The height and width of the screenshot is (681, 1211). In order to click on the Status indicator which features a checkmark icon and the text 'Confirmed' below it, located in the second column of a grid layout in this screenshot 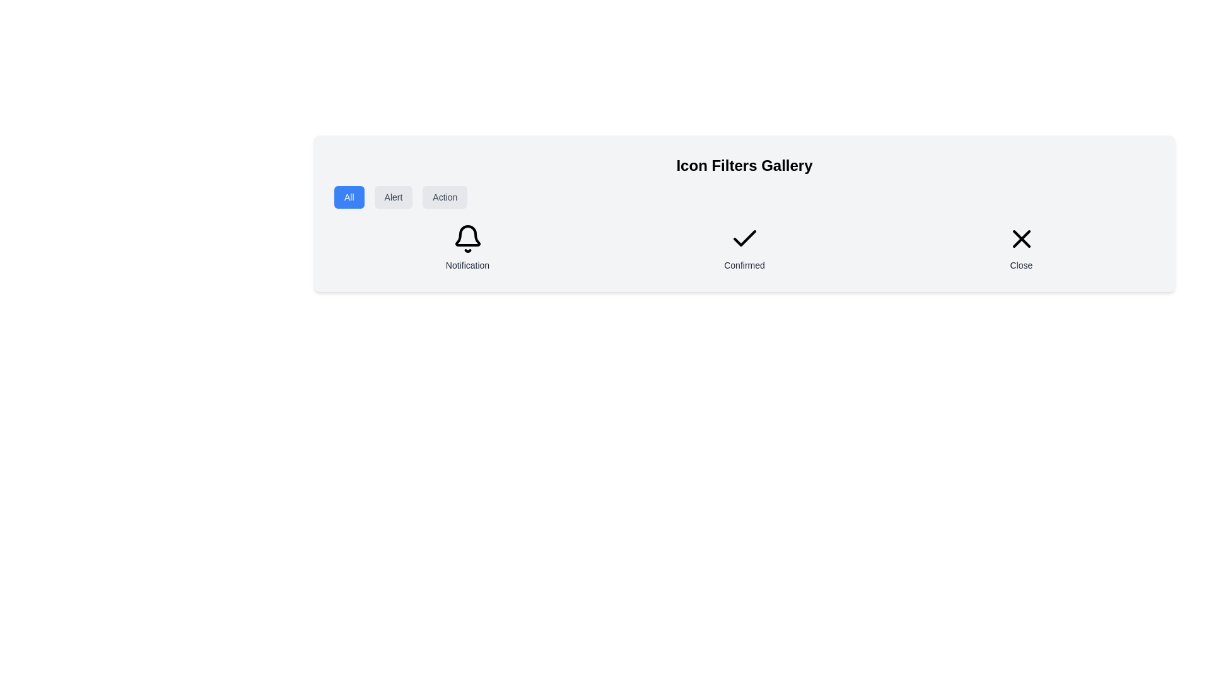, I will do `click(744, 248)`.